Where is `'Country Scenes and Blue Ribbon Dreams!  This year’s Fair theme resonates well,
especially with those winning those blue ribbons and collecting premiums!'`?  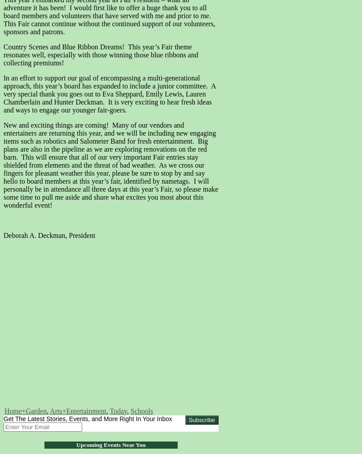
'Country Scenes and Blue Ribbon Dreams!  This year’s Fair theme resonates well,
especially with those winning those blue ribbons and collecting premiums!' is located at coordinates (100, 54).